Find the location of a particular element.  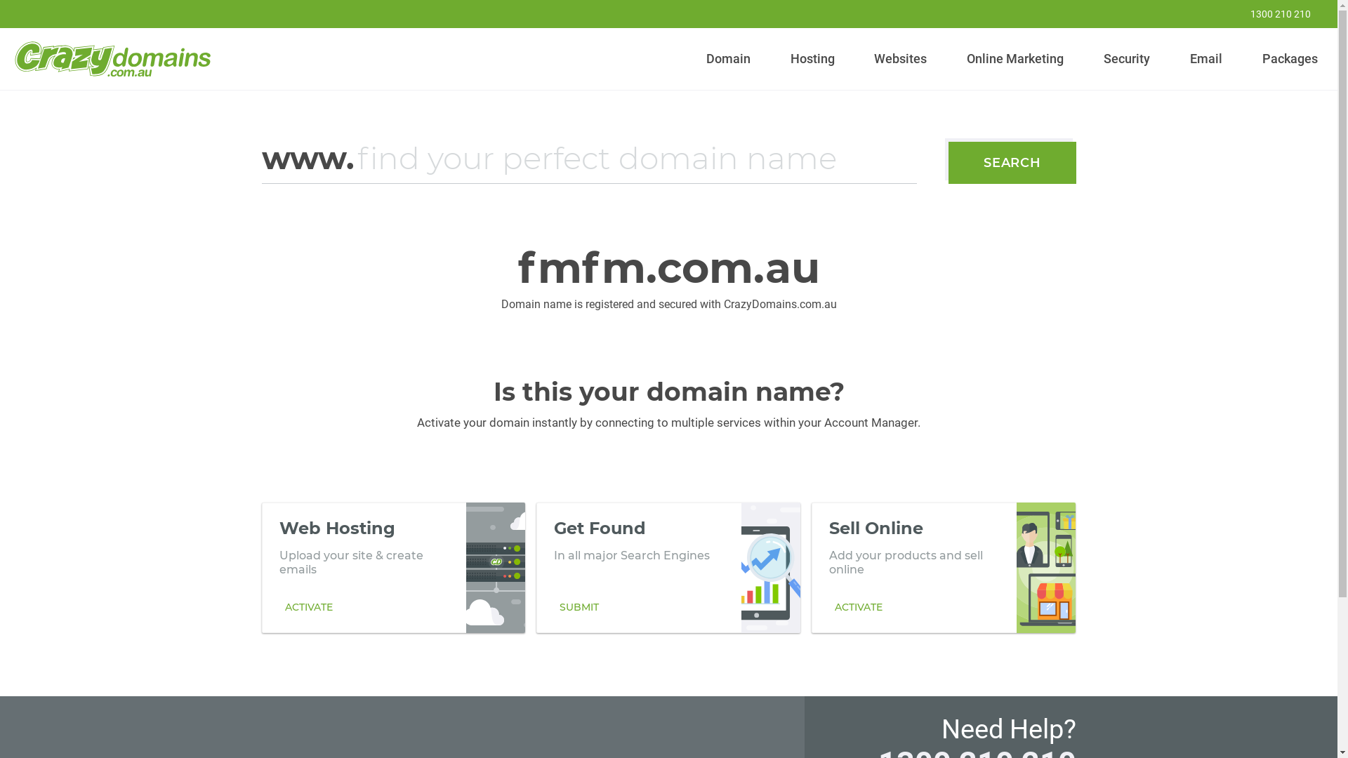

'SEARCH' is located at coordinates (1012, 161).